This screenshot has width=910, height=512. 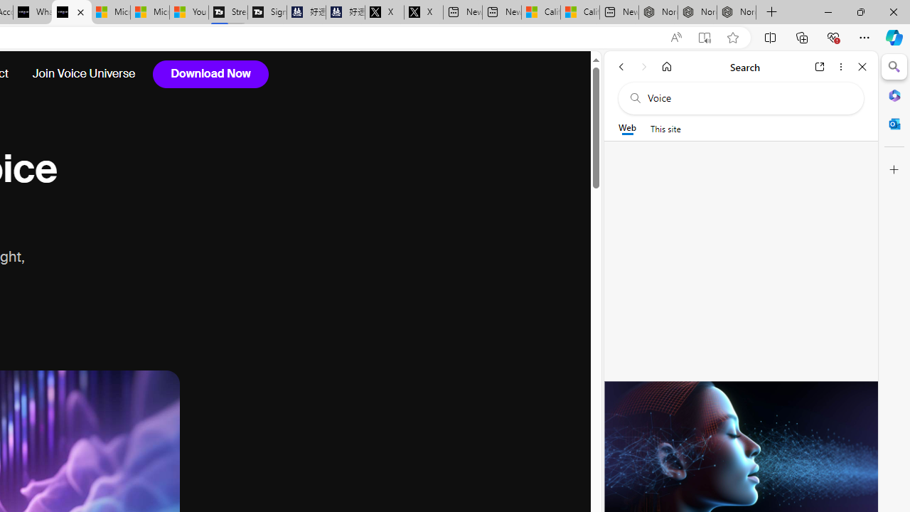 What do you see at coordinates (658, 12) in the screenshot?
I see `'Nordace - Best Sellers'` at bounding box center [658, 12].